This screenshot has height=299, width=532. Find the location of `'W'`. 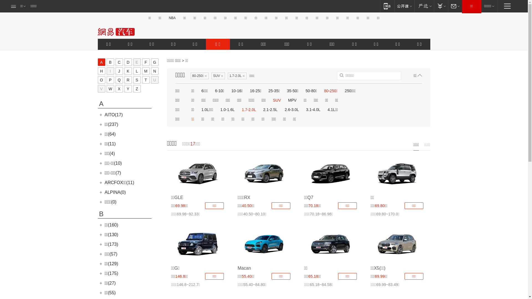

'W' is located at coordinates (110, 88).